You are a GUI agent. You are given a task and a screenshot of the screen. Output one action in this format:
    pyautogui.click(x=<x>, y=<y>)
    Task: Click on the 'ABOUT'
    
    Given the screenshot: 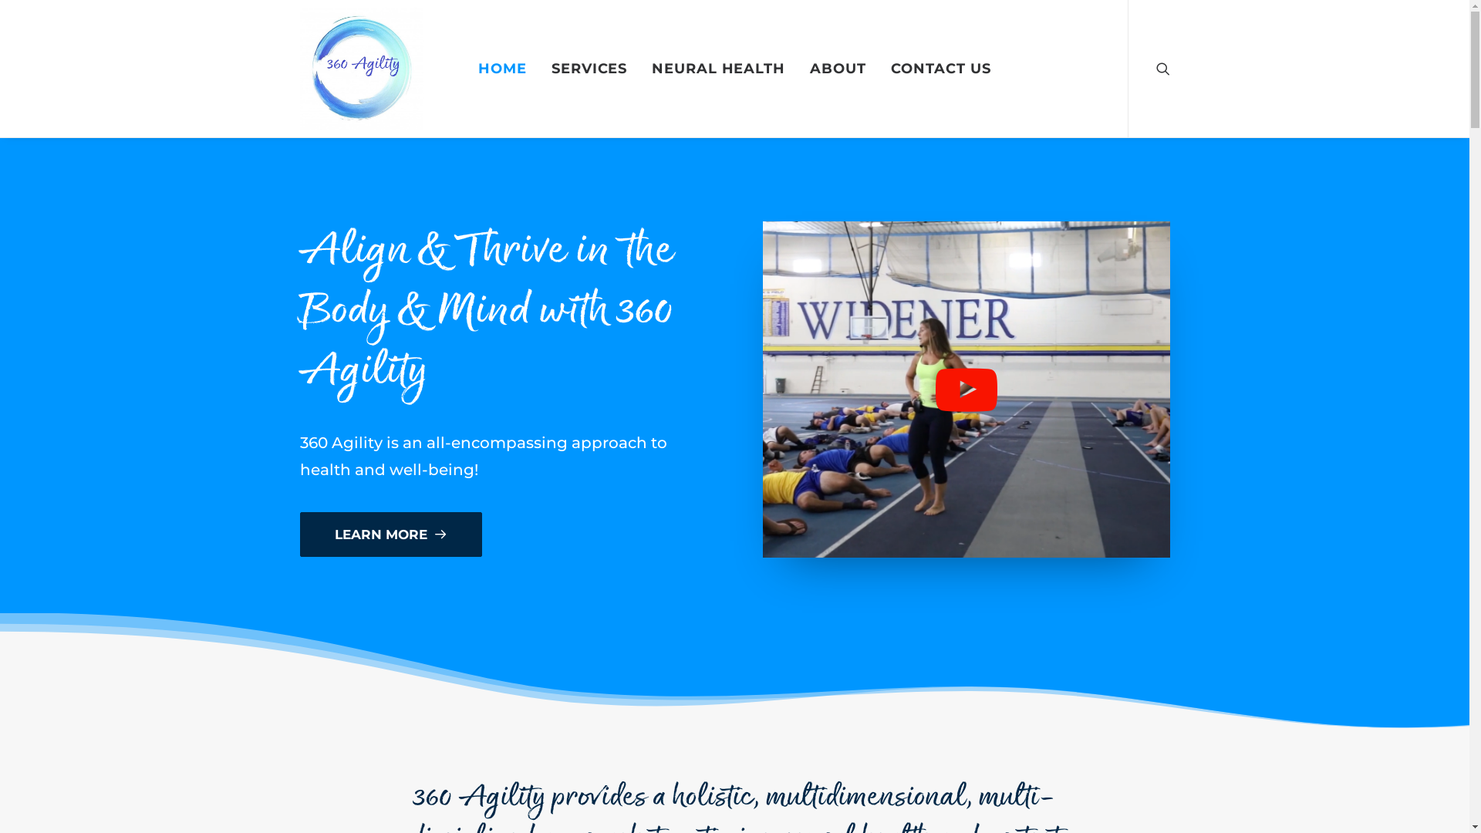 What is the action you would take?
    pyautogui.click(x=837, y=67)
    